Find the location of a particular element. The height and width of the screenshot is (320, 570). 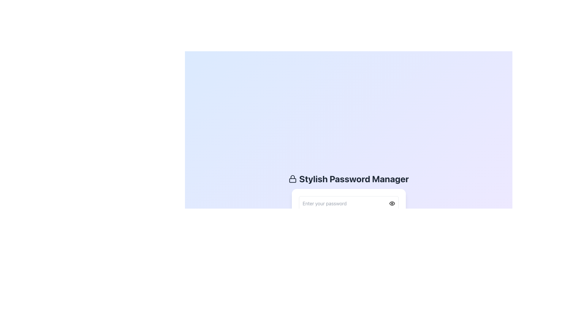

the eye-shaped icon located at the right edge of the password input field is located at coordinates (392, 203).